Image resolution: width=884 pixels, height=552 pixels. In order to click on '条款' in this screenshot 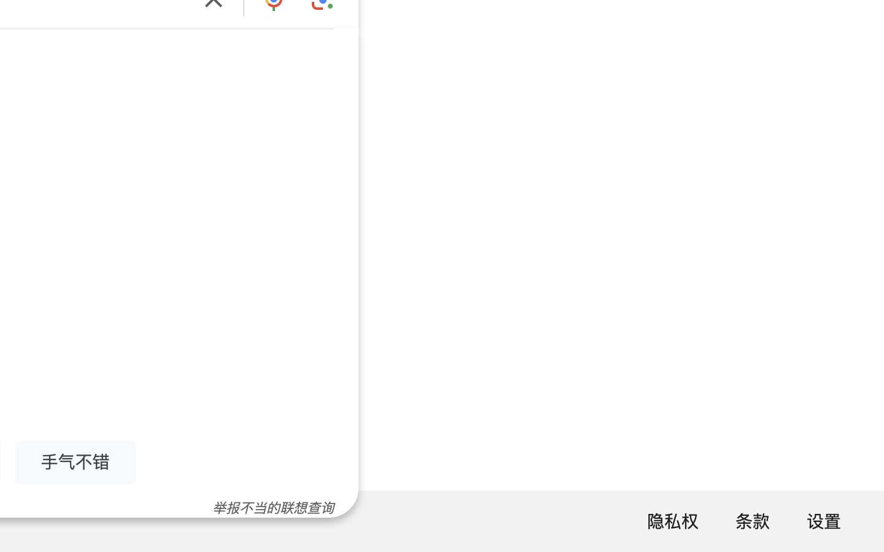, I will do `click(752, 521)`.